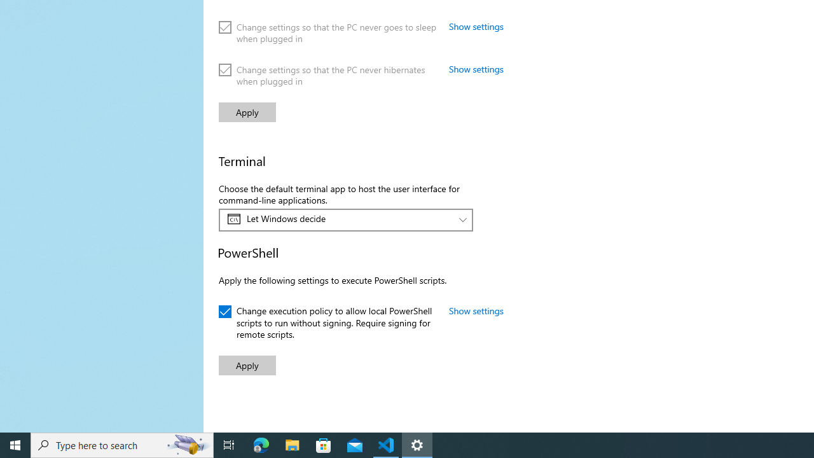  I want to click on 'Settings - 1 running window', so click(417, 444).